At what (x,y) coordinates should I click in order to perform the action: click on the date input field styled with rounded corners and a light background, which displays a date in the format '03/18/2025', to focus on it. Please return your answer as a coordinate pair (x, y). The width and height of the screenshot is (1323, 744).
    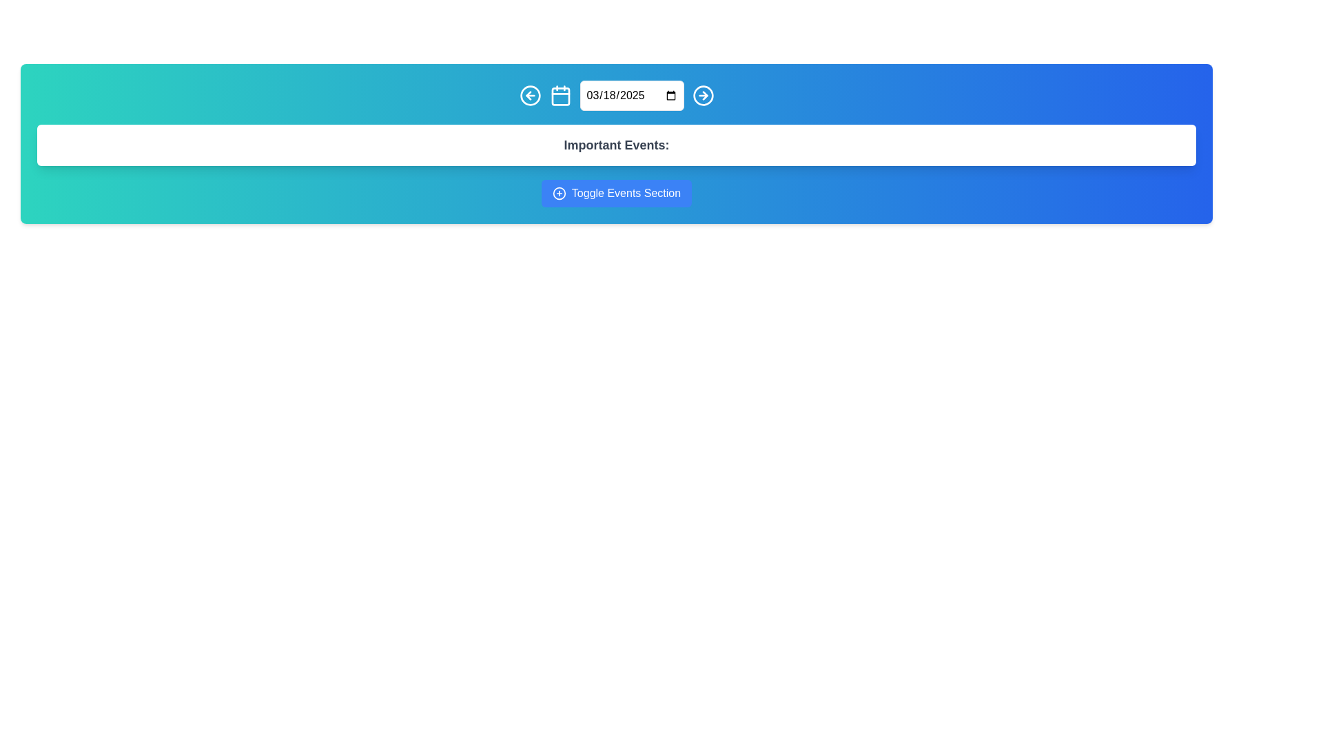
    Looking at the image, I should click on (615, 94).